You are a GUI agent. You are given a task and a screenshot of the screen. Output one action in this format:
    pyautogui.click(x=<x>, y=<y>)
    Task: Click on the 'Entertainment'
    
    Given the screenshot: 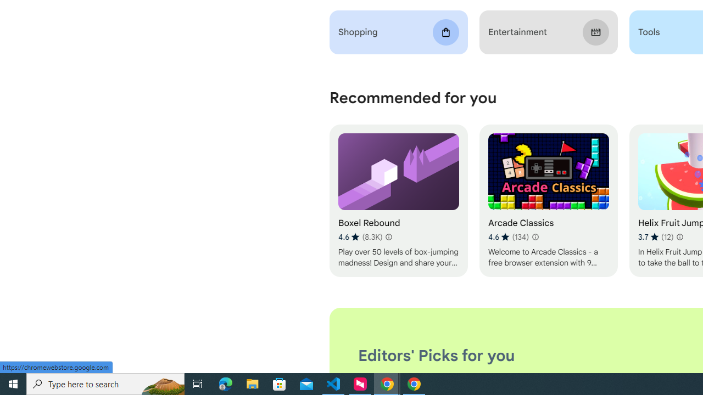 What is the action you would take?
    pyautogui.click(x=548, y=32)
    